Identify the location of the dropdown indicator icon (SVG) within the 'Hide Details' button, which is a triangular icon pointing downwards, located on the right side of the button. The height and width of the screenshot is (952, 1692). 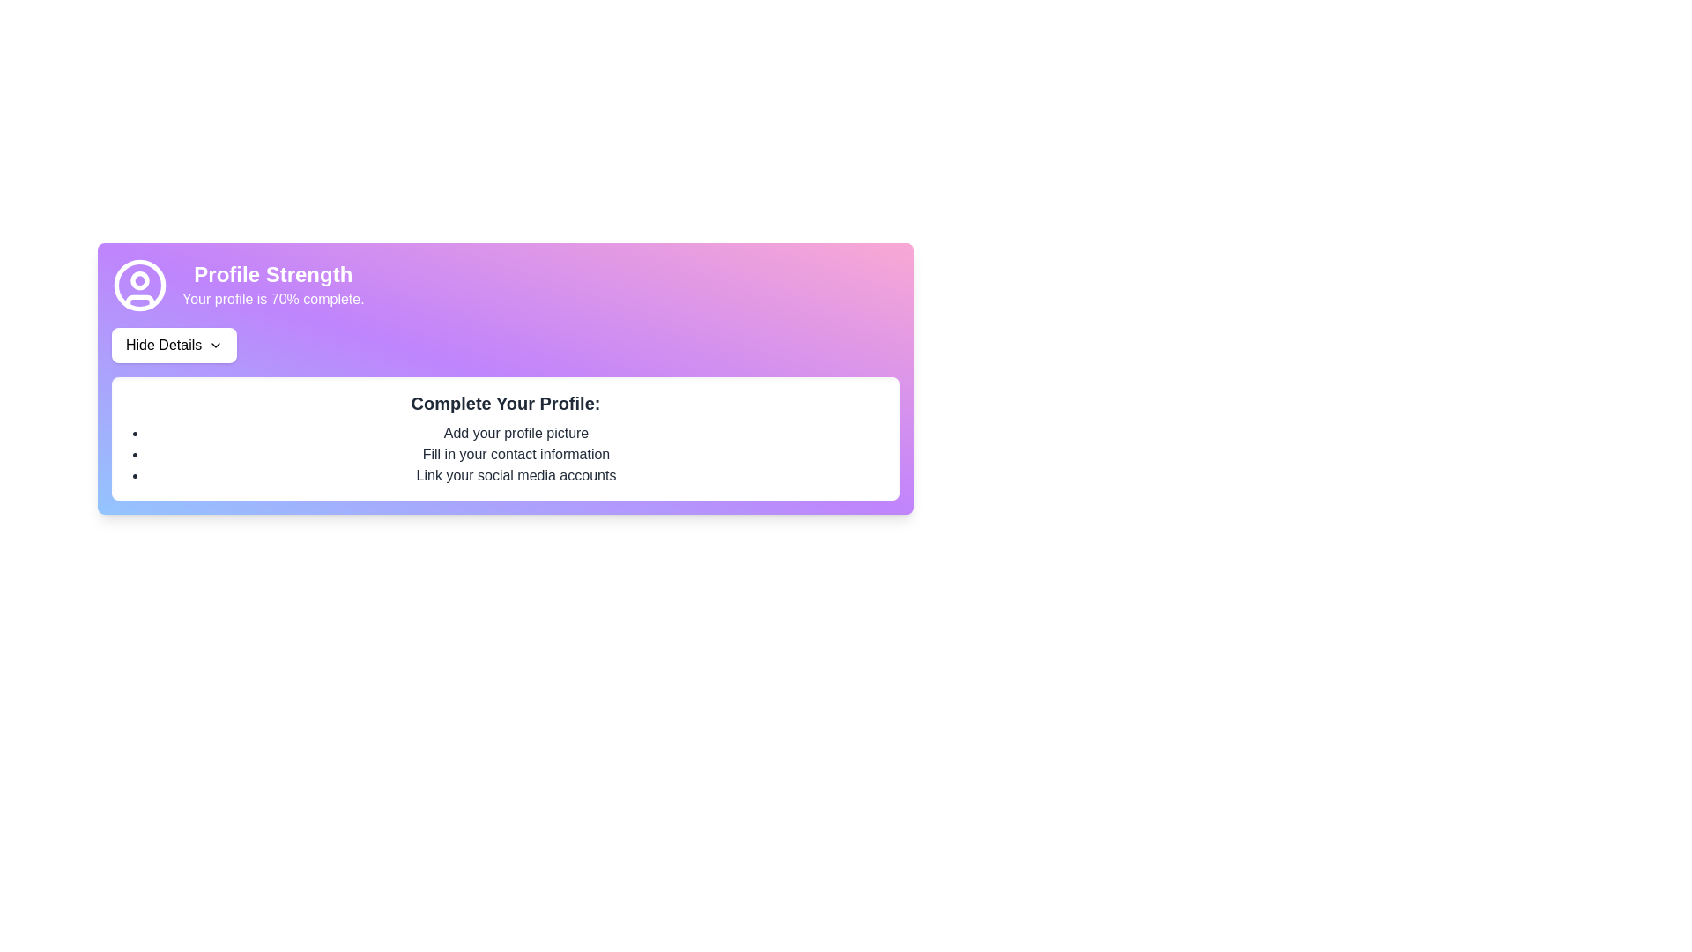
(215, 346).